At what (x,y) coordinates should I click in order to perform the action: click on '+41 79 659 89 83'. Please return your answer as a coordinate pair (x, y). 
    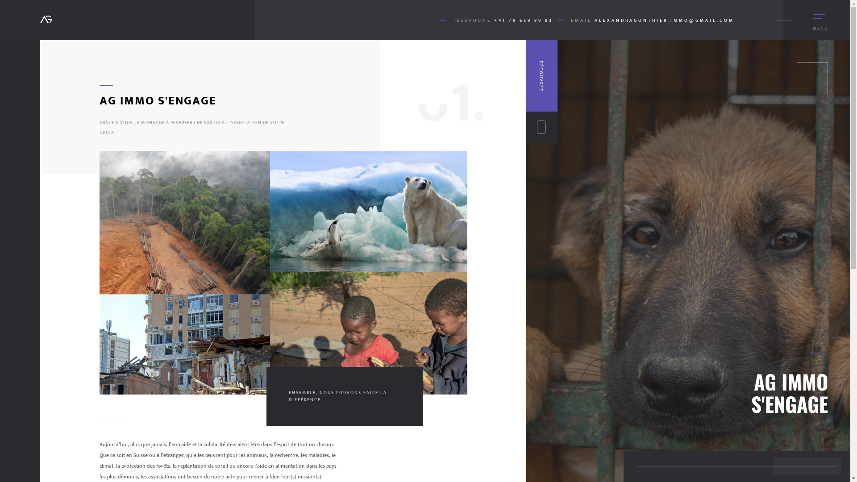
    Looking at the image, I should click on (523, 20).